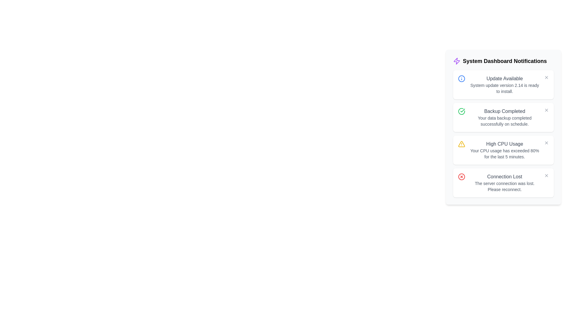  I want to click on the Text Label titled 'Update Available' in the 'System Dashboard Notifications' panel, which serves as the title for the notification card, so click(505, 78).